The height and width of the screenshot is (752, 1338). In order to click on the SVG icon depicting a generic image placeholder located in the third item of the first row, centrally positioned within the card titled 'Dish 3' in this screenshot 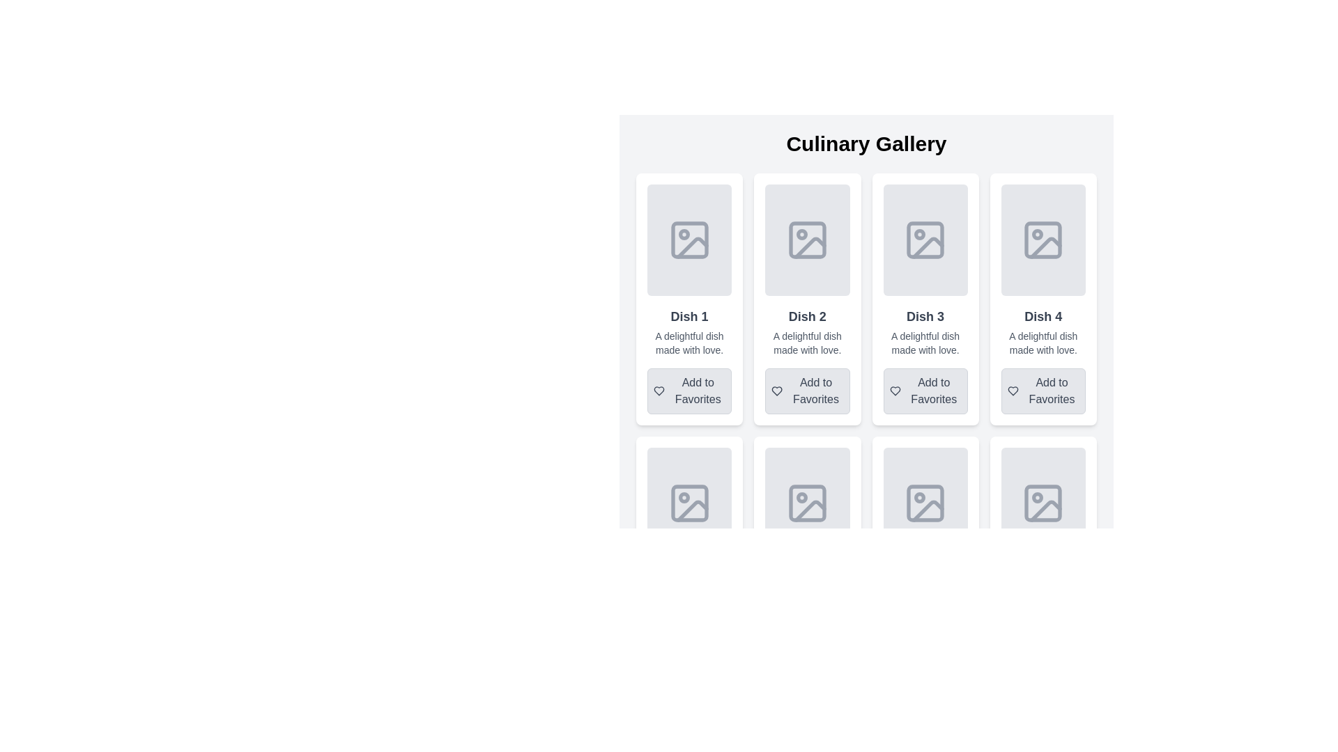, I will do `click(925, 239)`.